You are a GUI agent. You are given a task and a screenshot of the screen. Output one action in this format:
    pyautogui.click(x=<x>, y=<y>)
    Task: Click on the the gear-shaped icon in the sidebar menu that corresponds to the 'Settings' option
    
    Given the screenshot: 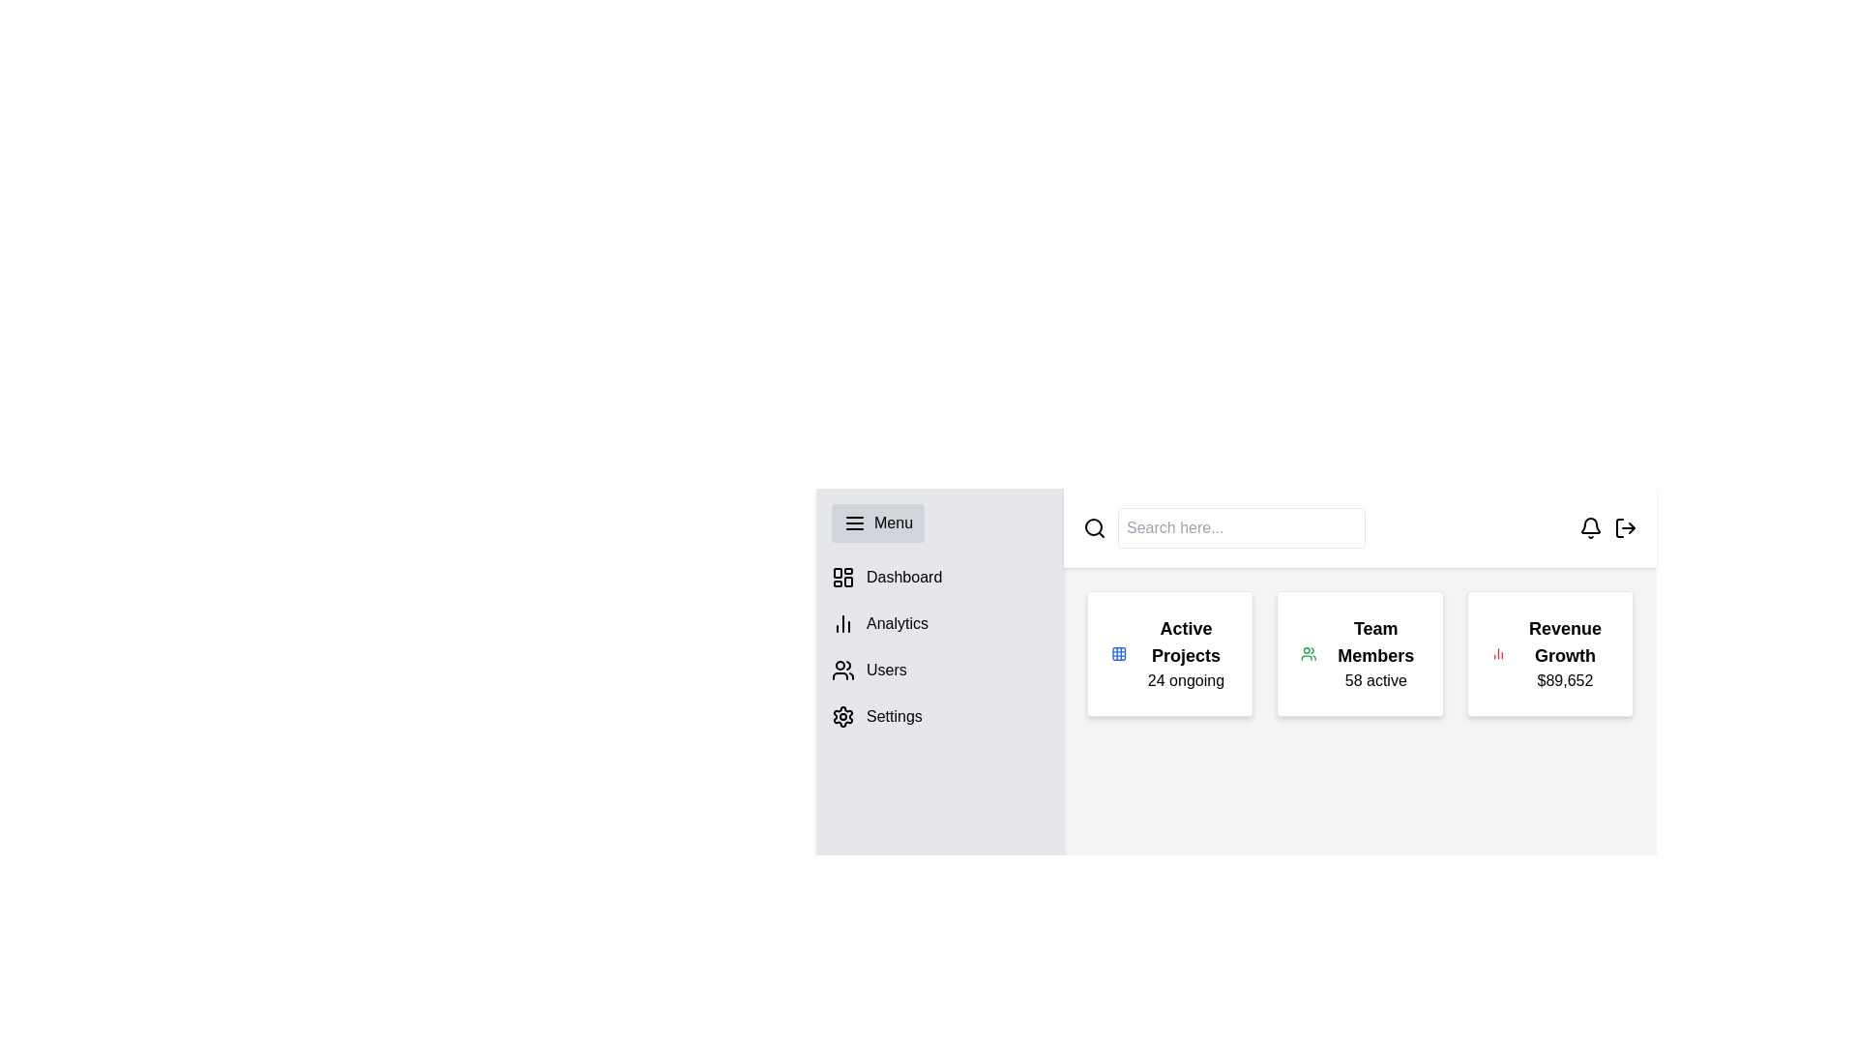 What is the action you would take?
    pyautogui.click(x=843, y=716)
    